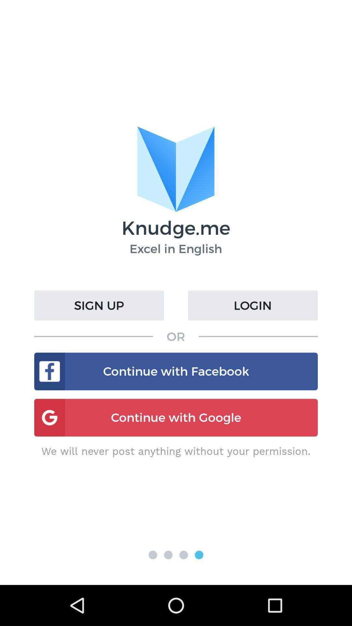 The image size is (352, 626). I want to click on the item above or icon, so click(99, 305).